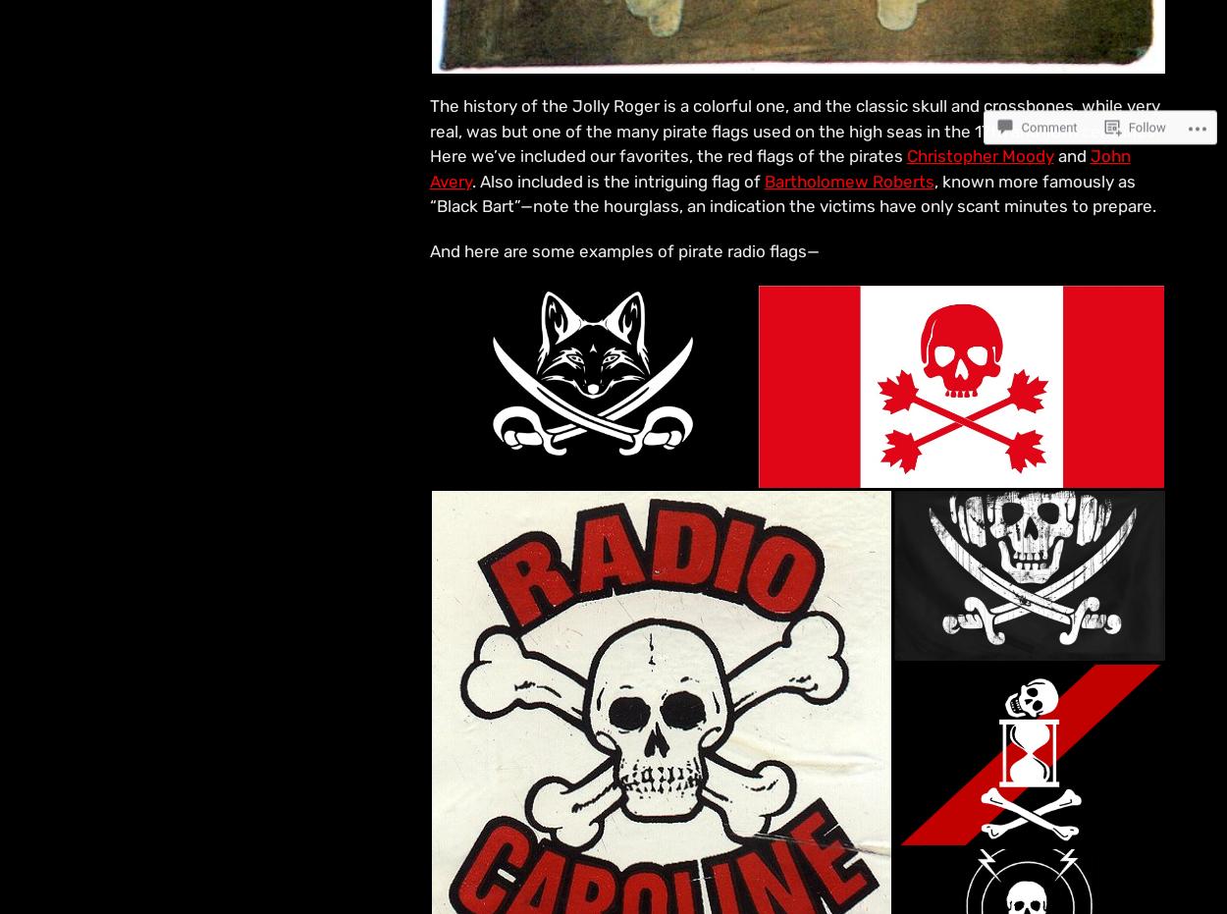 The width and height of the screenshot is (1227, 914). Describe the element at coordinates (429, 118) in the screenshot. I see `'The history of the Jolly Roger is a colorful one, and the classic skull and crossbones, while very real, was but one of the many pirate flags used on the high seas in the 17'` at that location.